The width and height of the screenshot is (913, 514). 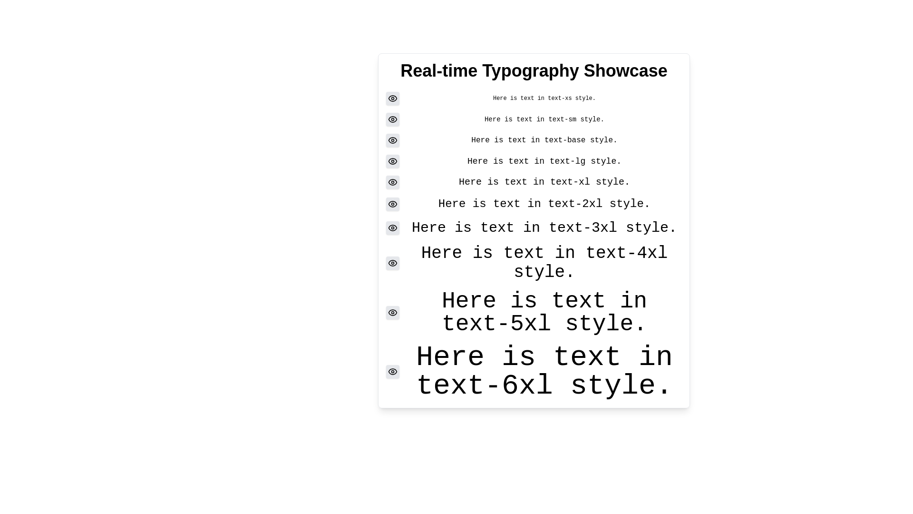 What do you see at coordinates (392, 182) in the screenshot?
I see `the visibility toggle button located to the left of the text labeled 'Here is text in text-xl style.'` at bounding box center [392, 182].